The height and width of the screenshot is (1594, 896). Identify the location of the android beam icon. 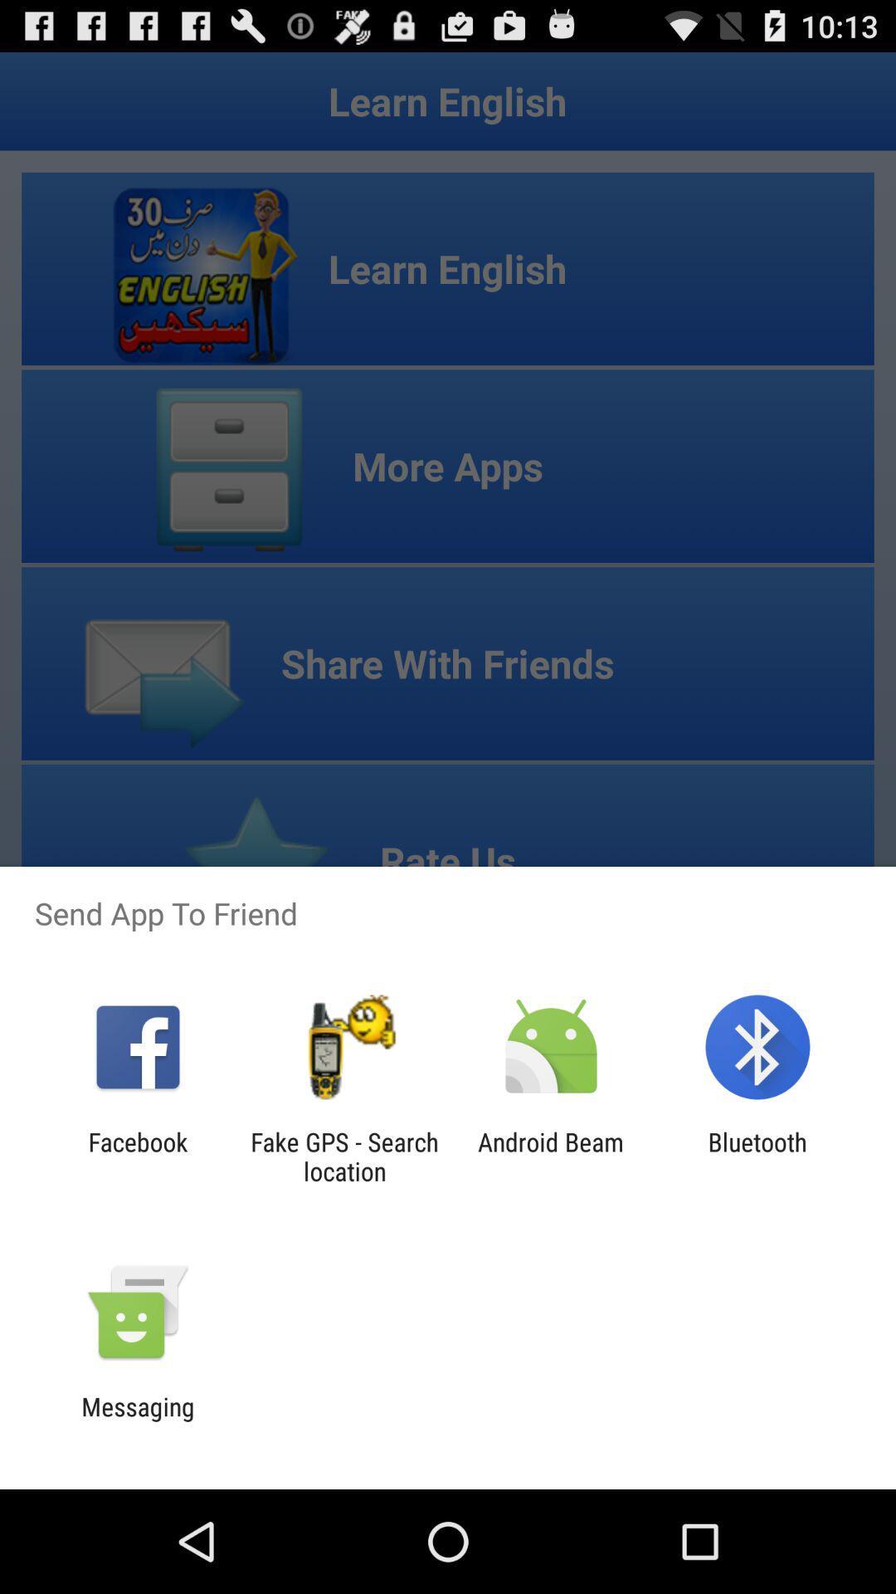
(551, 1156).